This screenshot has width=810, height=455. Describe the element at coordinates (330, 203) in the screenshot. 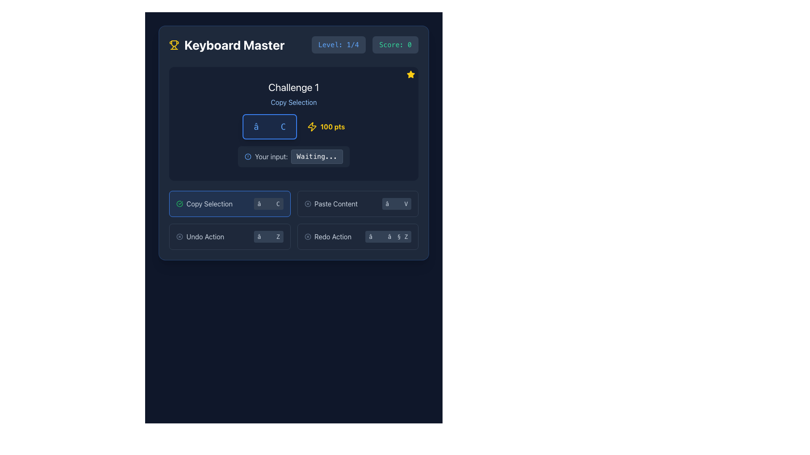

I see `the 'Paste Content' button located at the bottom center of the interface` at that location.